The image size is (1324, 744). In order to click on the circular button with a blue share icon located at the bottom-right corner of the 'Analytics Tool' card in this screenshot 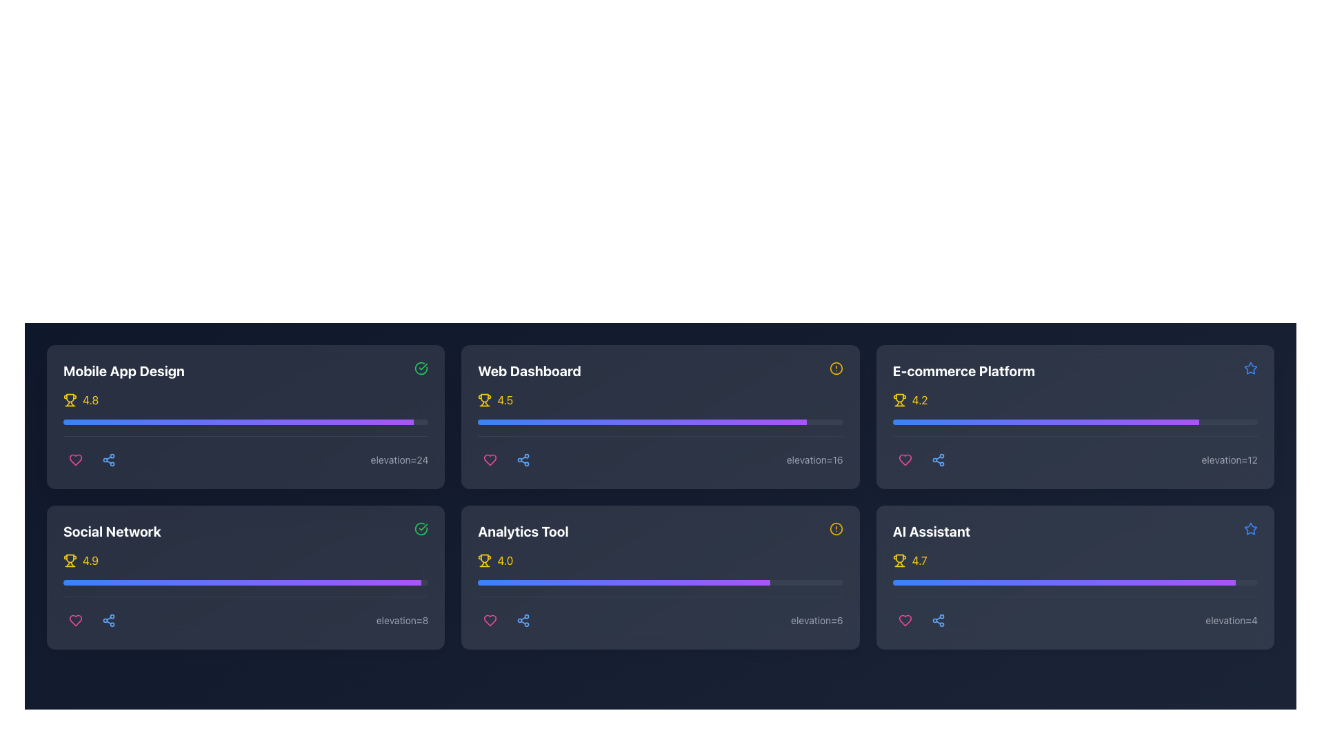, I will do `click(523, 621)`.